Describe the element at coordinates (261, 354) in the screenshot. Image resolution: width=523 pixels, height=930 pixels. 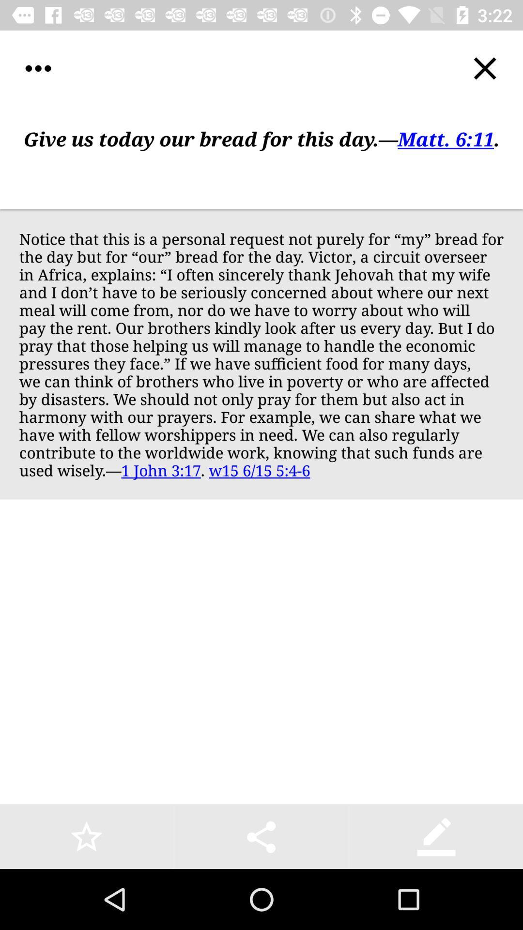
I see `the app at the center` at that location.